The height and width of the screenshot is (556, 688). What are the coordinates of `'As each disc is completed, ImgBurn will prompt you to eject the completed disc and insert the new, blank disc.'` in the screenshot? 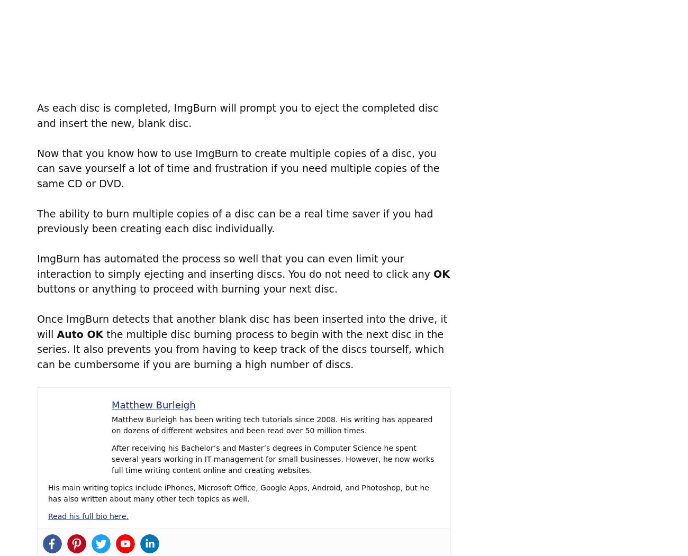 It's located at (237, 114).